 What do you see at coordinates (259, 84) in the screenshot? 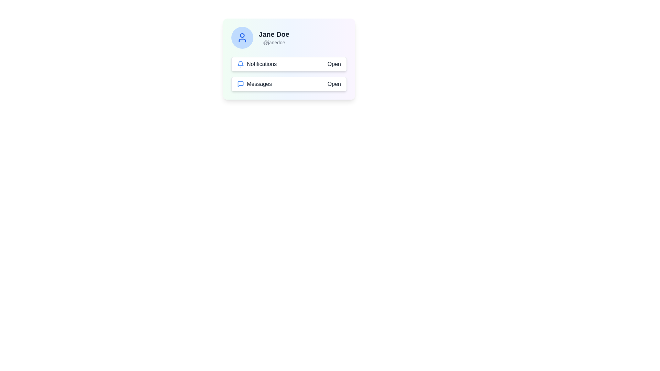
I see `the 'Messages' text label, which is styled in a standard sans-serif font and is located within a button-like rectangular structure alongside a speech bubble icon` at bounding box center [259, 84].